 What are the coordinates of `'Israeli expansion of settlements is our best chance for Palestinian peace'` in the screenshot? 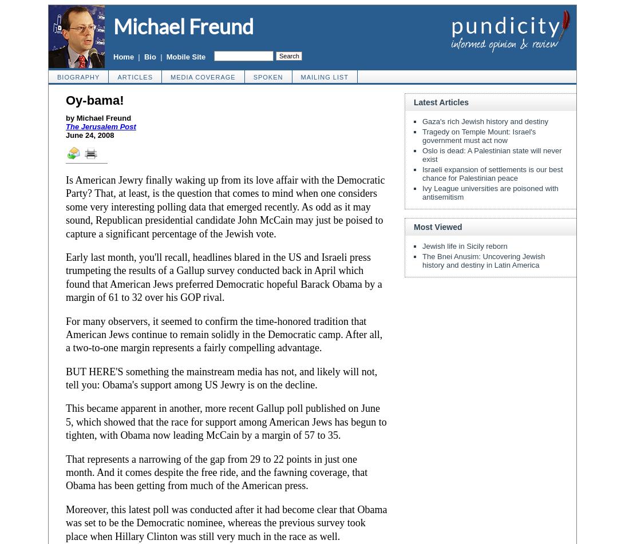 It's located at (422, 174).